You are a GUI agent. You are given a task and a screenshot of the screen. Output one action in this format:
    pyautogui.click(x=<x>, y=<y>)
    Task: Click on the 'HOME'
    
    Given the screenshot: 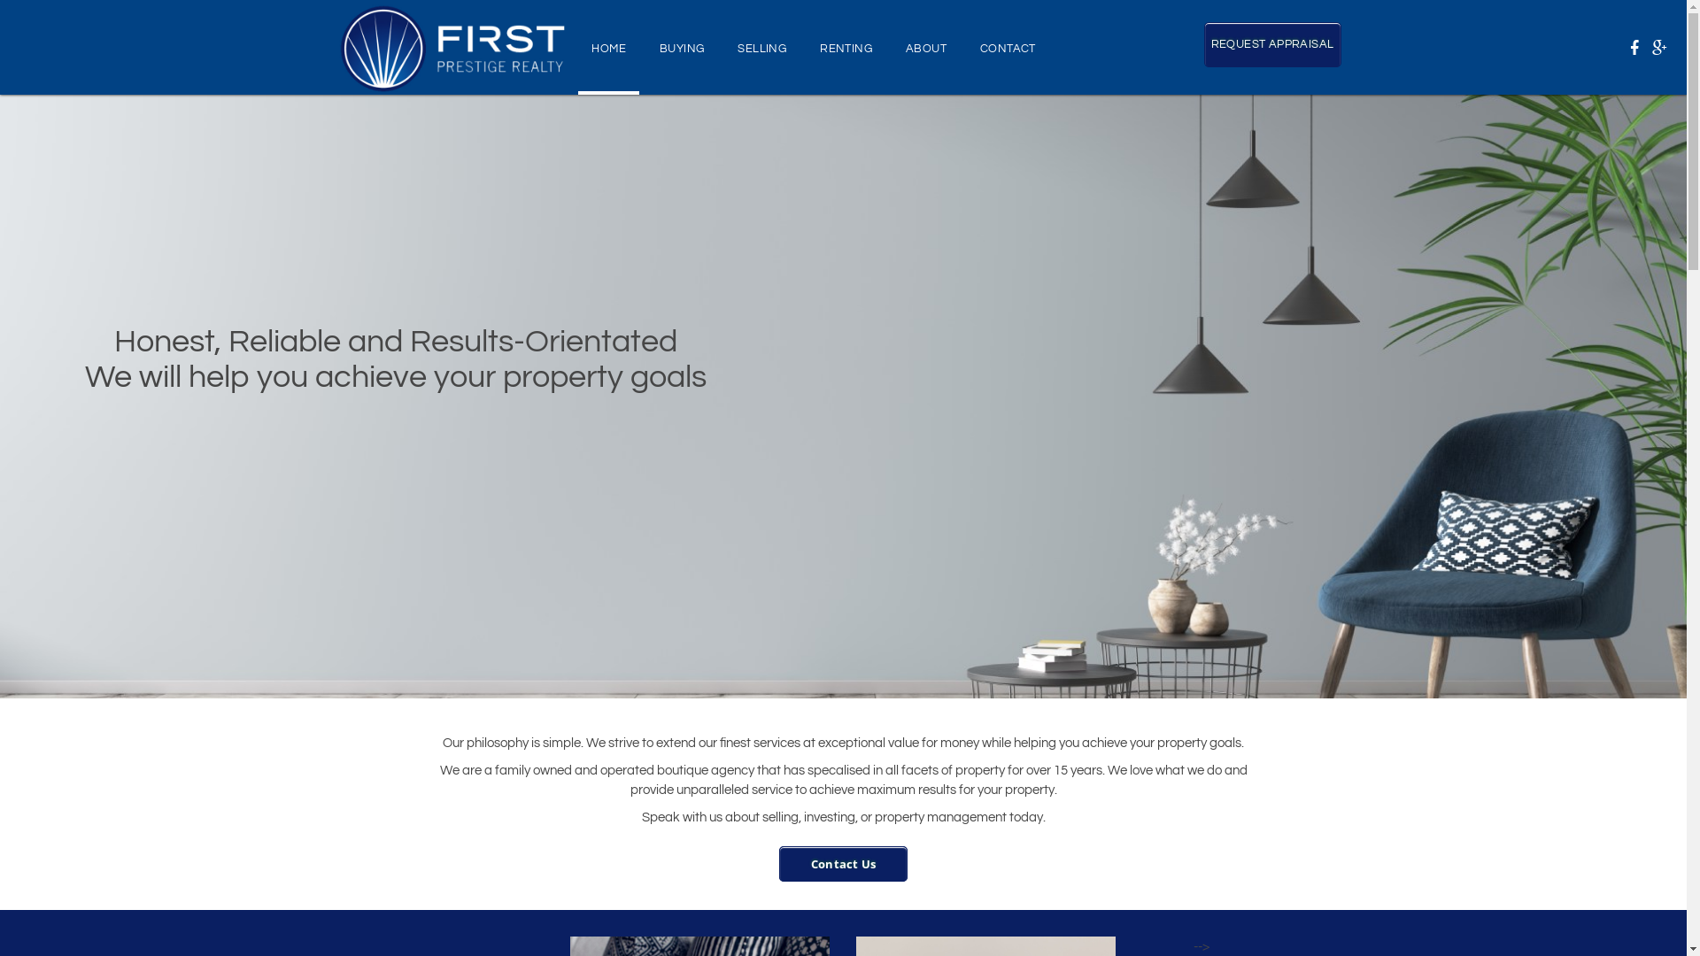 What is the action you would take?
    pyautogui.click(x=608, y=46)
    